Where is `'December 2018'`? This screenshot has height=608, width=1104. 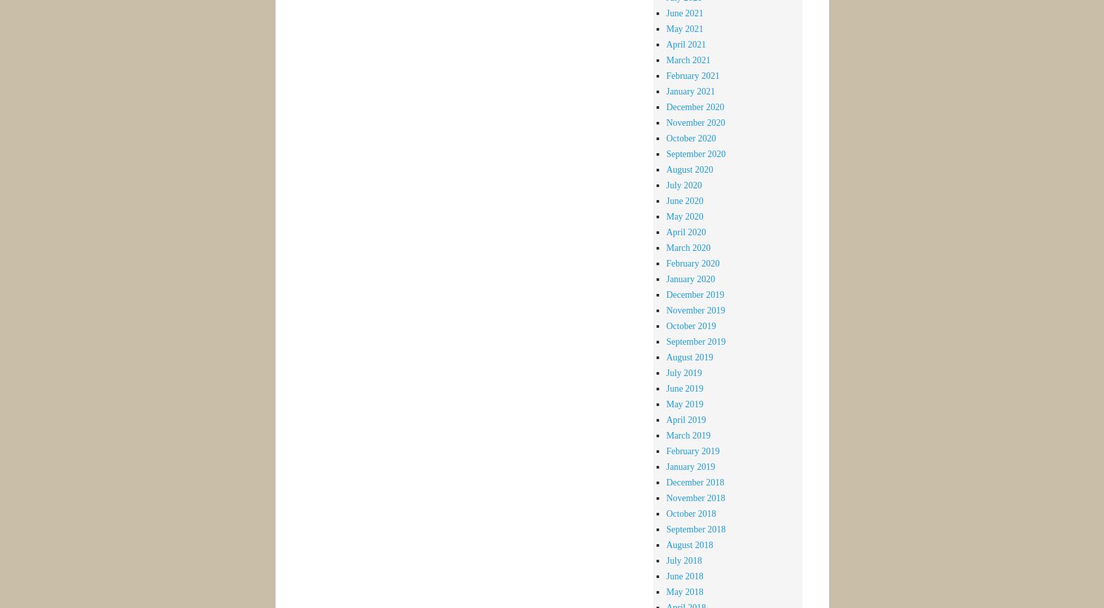 'December 2018' is located at coordinates (664, 481).